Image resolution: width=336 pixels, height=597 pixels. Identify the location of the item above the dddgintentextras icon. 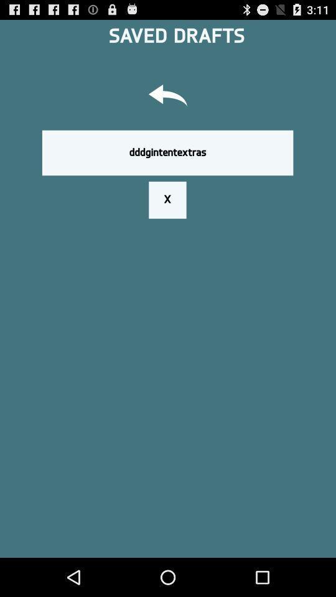
(168, 96).